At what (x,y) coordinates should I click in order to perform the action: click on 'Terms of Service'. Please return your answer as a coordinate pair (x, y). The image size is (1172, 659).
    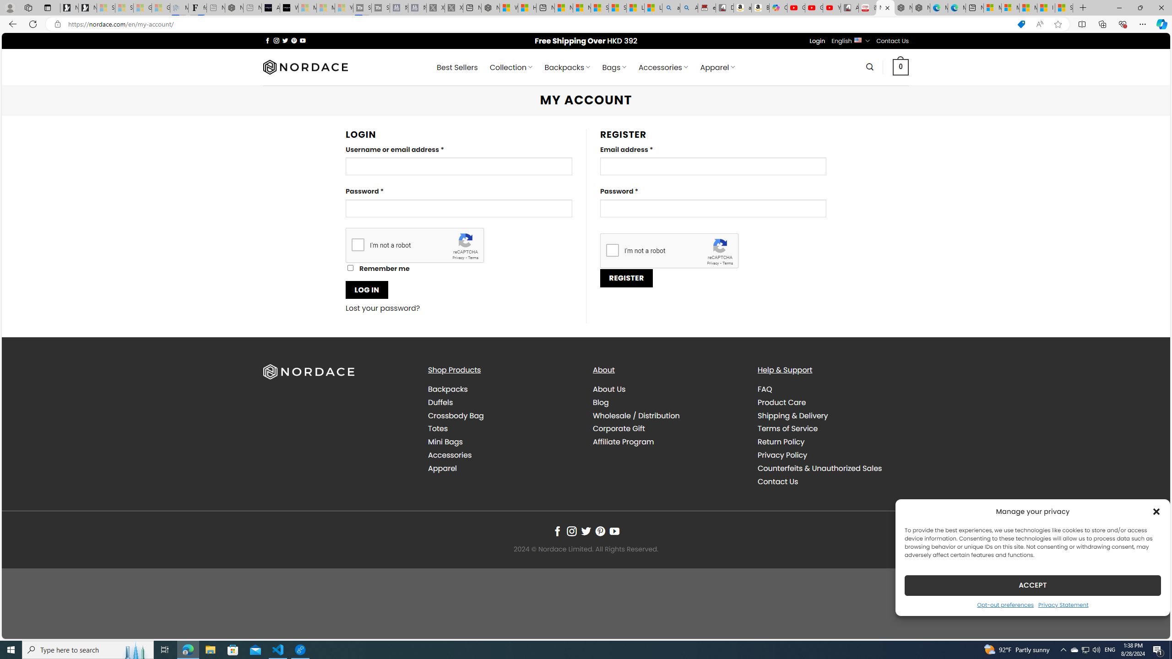
    Looking at the image, I should click on (832, 429).